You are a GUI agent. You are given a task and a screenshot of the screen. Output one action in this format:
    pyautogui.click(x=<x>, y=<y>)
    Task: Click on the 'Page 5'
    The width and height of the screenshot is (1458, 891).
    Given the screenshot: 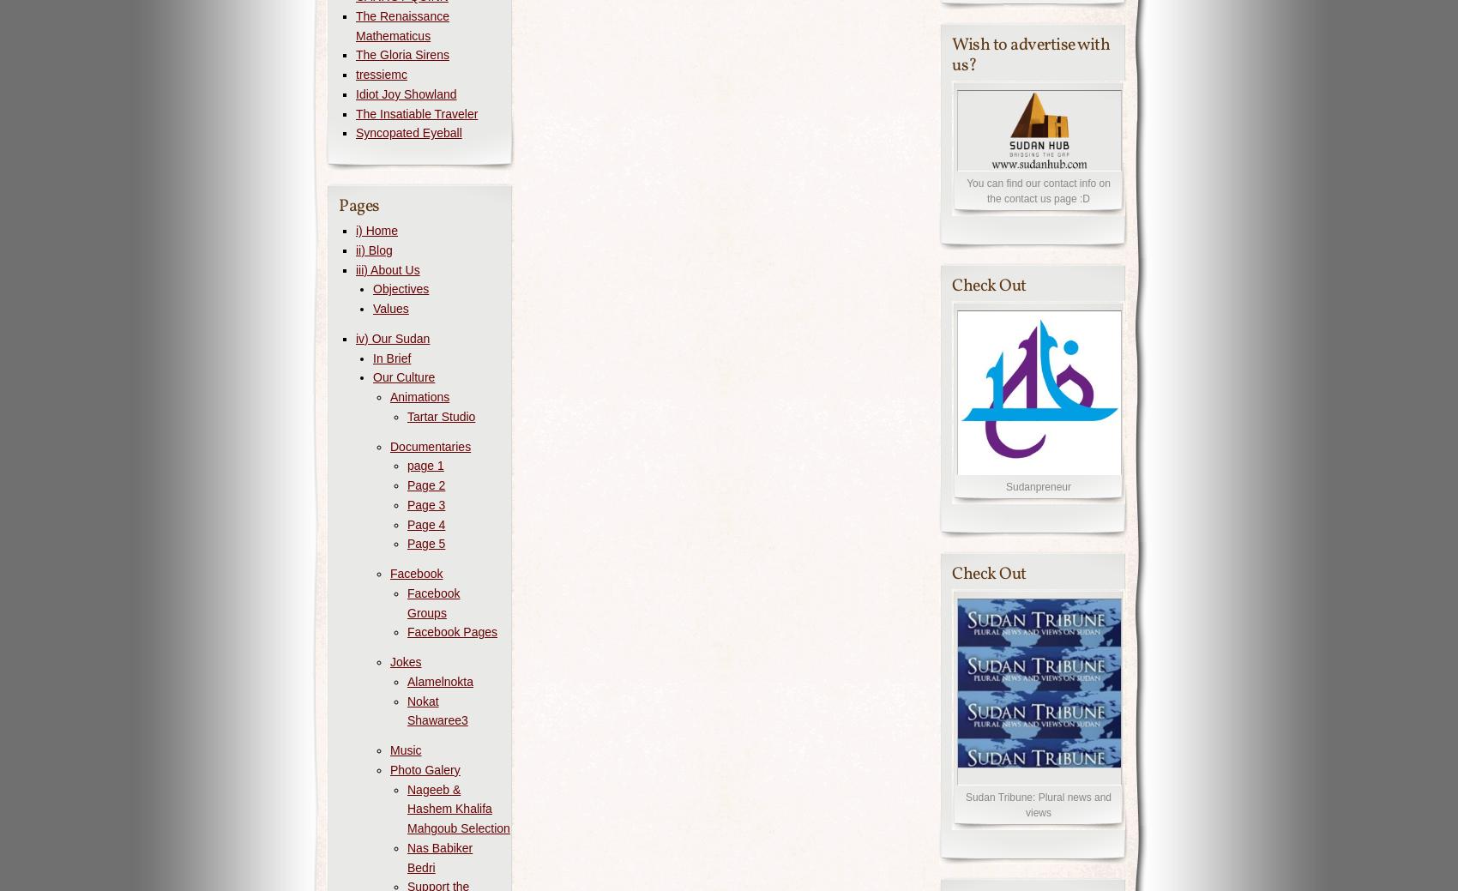 What is the action you would take?
    pyautogui.click(x=426, y=543)
    